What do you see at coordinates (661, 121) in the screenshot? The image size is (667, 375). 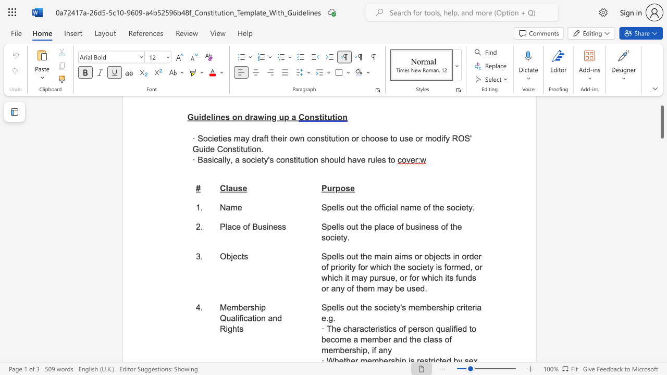 I see `the scrollbar and move up 80 pixels` at bounding box center [661, 121].